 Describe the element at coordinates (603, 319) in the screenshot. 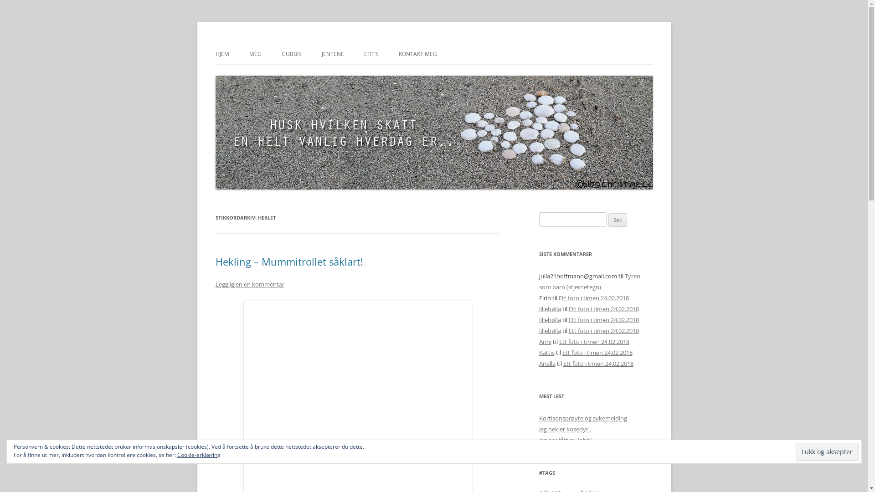

I see `'Ett foto i timen 24.02.2018'` at that location.